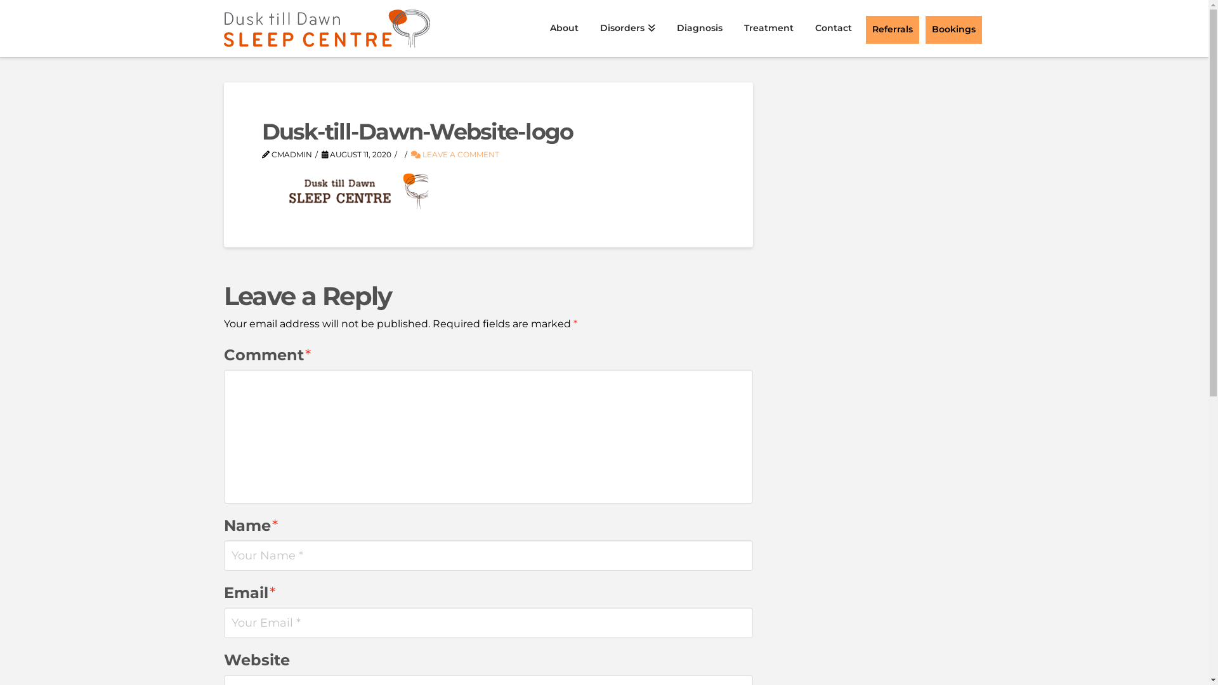  Describe the element at coordinates (891, 29) in the screenshot. I see `'Referrals'` at that location.